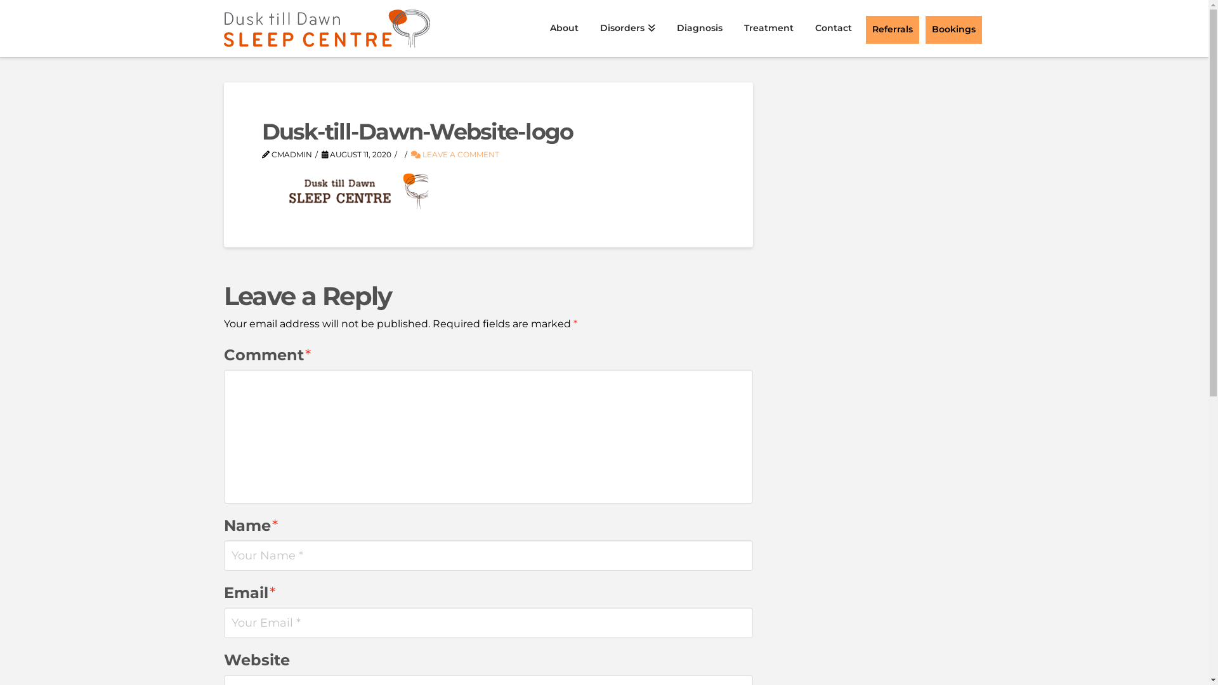  Describe the element at coordinates (891, 29) in the screenshot. I see `'Referrals'` at that location.